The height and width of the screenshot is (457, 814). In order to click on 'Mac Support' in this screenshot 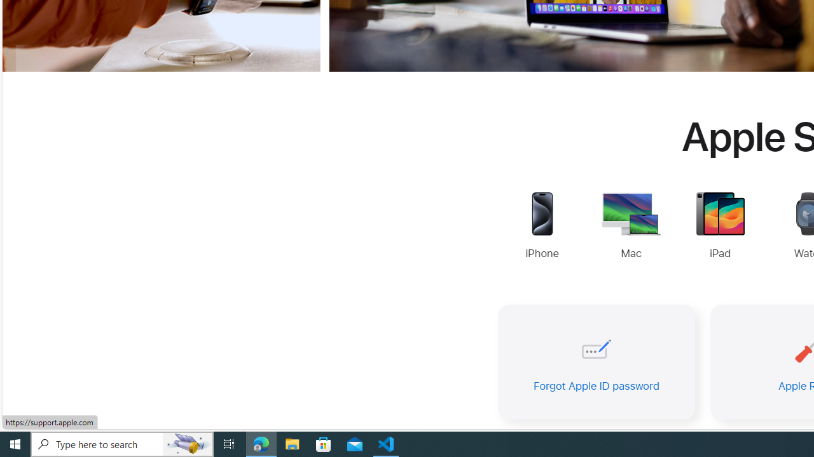, I will do `click(631, 227)`.